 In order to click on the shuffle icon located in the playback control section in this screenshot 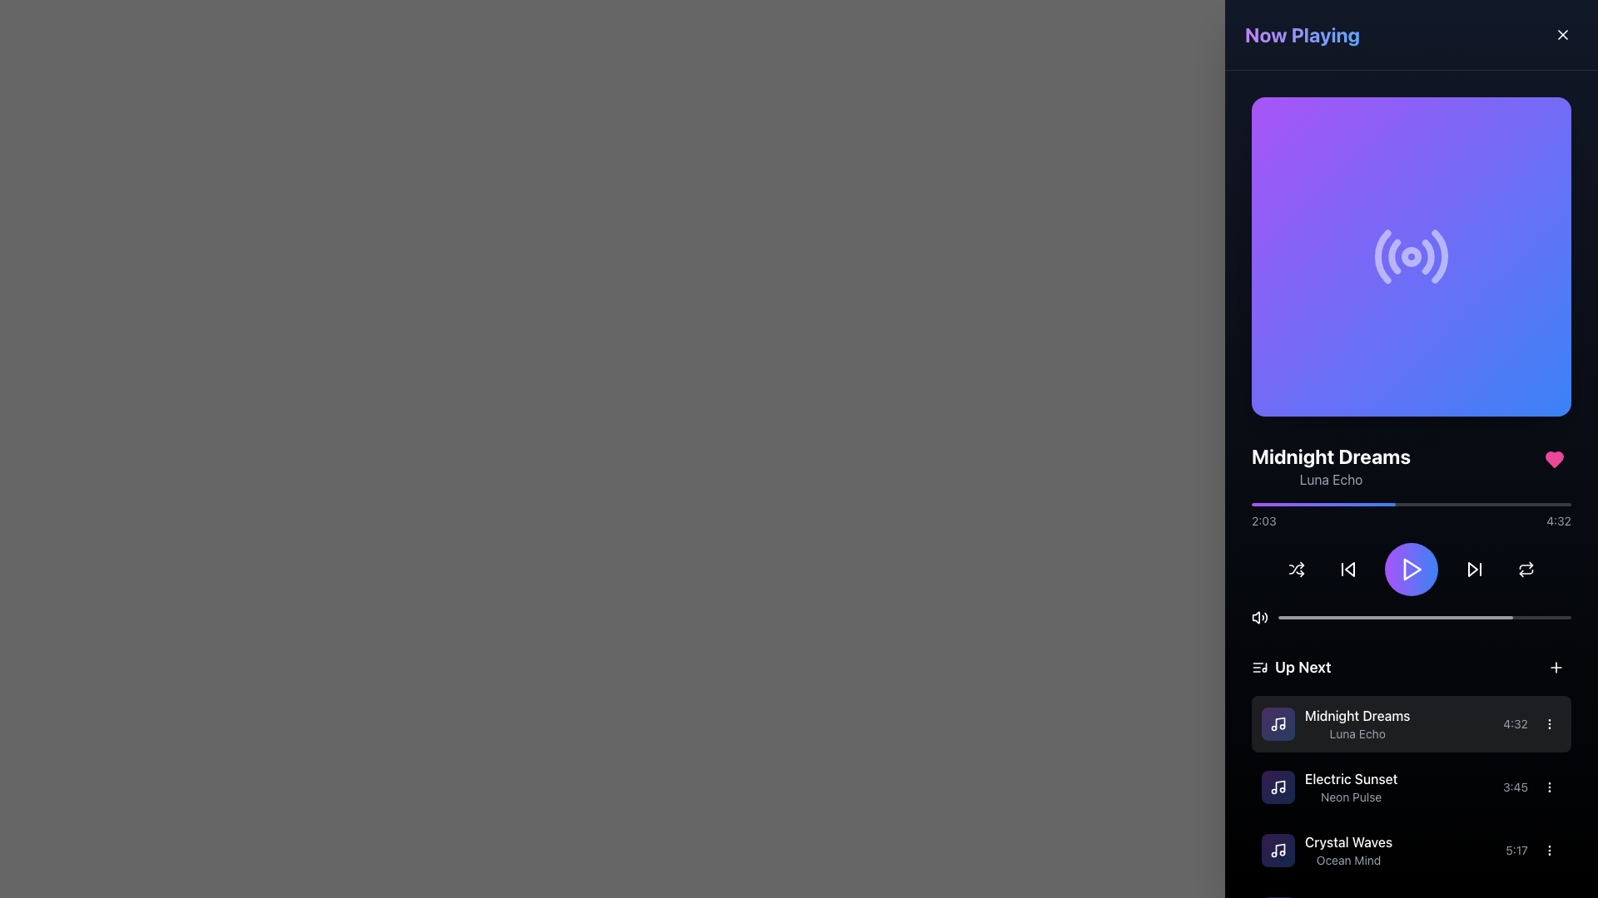, I will do `click(1296, 569)`.